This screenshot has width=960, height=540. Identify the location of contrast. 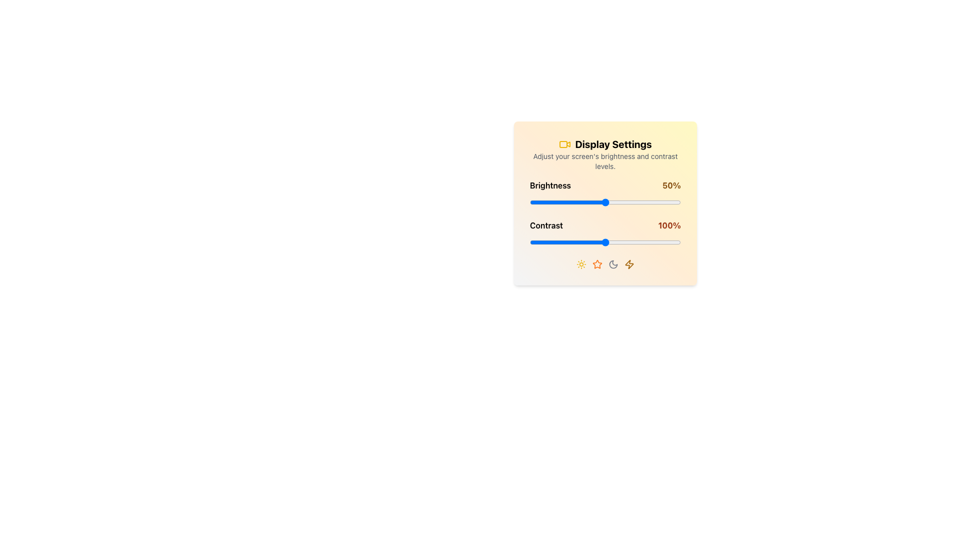
(563, 242).